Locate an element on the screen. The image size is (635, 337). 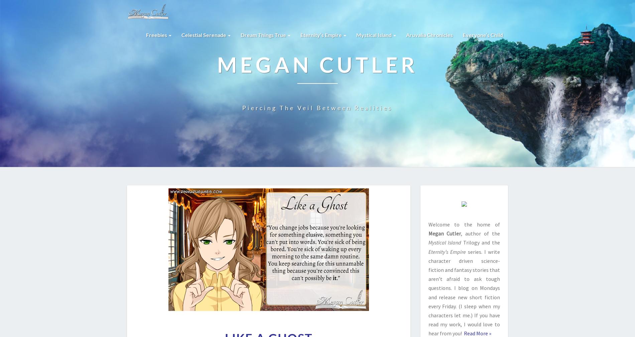
'Read More »' is located at coordinates (462, 333).